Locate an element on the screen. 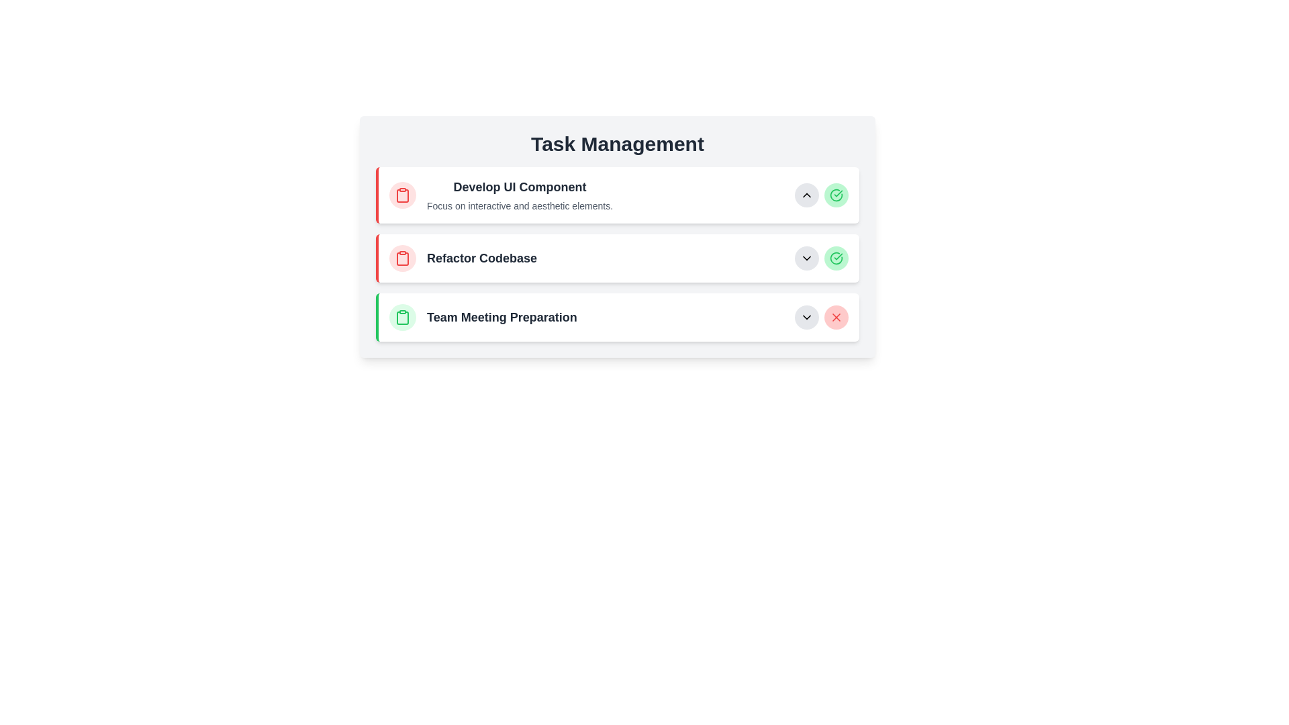  the circular confirmation icon featuring a green check mark, which indicates a success status for the task labeled 'Refactor Codebase' is located at coordinates (836, 258).